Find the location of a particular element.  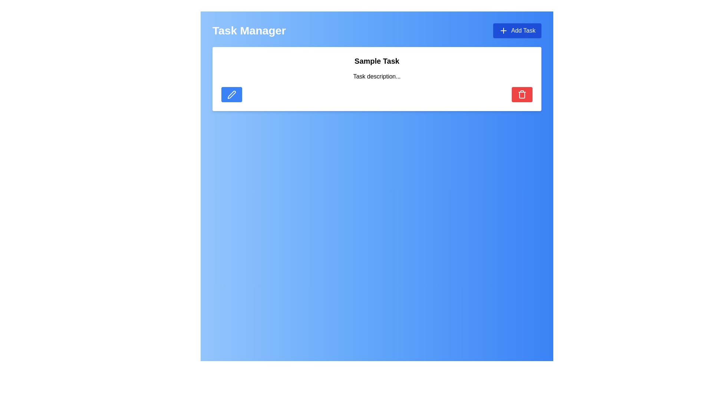

the edit icon located inside the button on the left side of the task panel, next to the 'Sample Task' title is located at coordinates (231, 94).